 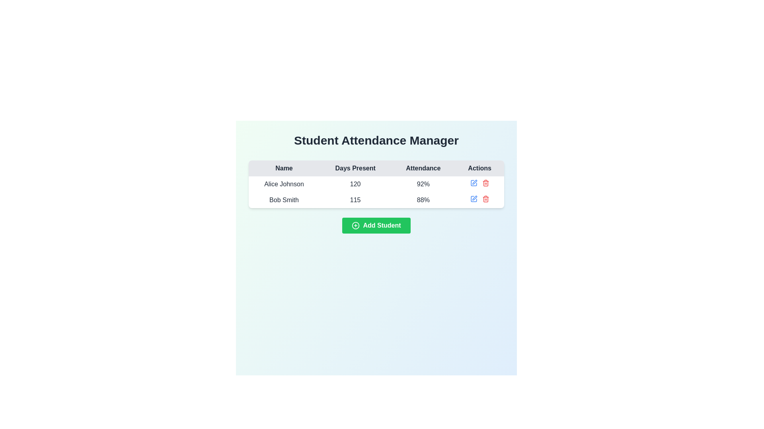 I want to click on the Header text, which indicates the page is dedicated to managing student attendance, located at the top of the interface, so click(x=376, y=140).